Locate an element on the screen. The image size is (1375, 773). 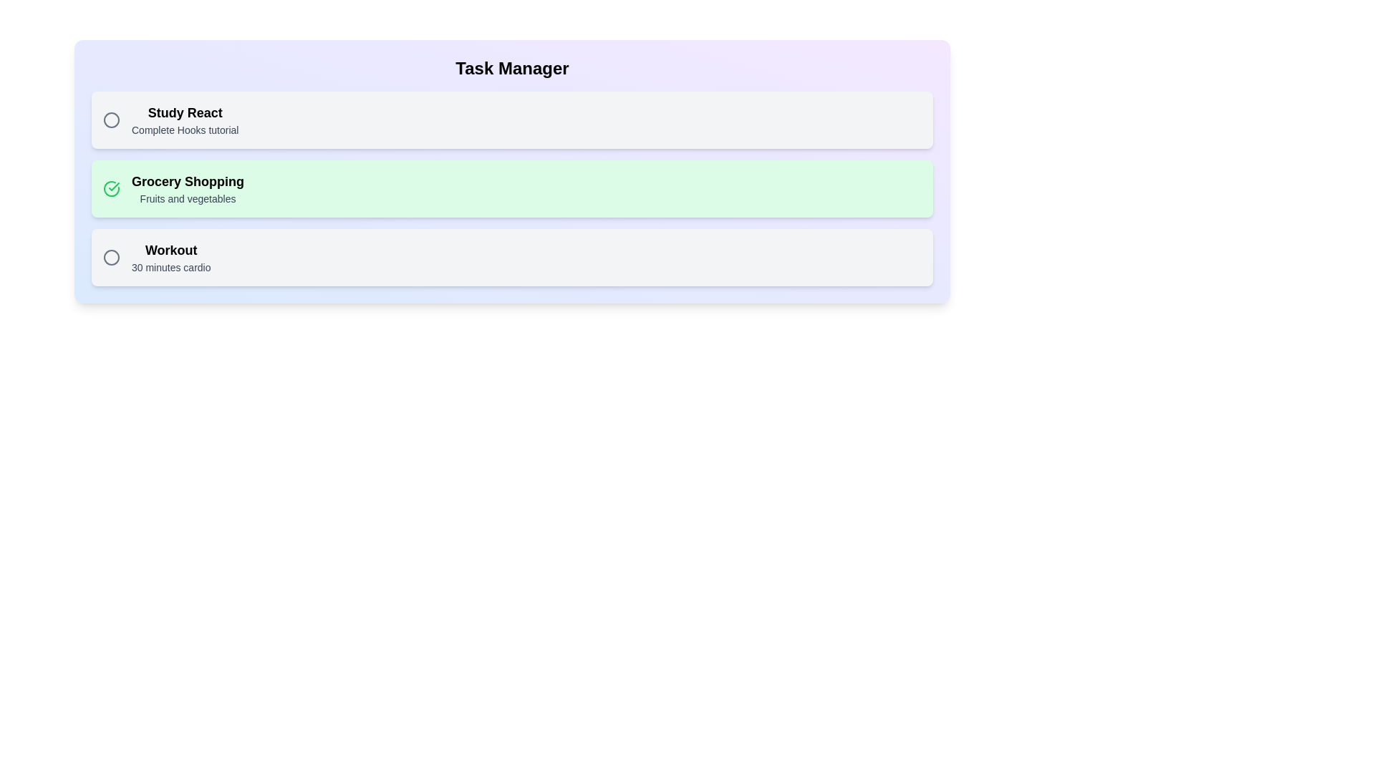
the green checkmark icon button indicating task completion next to 'Grocery Shopping' is located at coordinates (111, 188).